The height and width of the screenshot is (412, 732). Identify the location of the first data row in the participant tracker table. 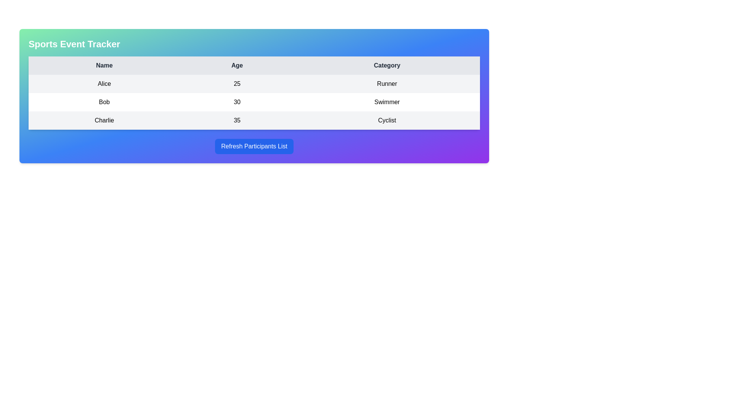
(254, 84).